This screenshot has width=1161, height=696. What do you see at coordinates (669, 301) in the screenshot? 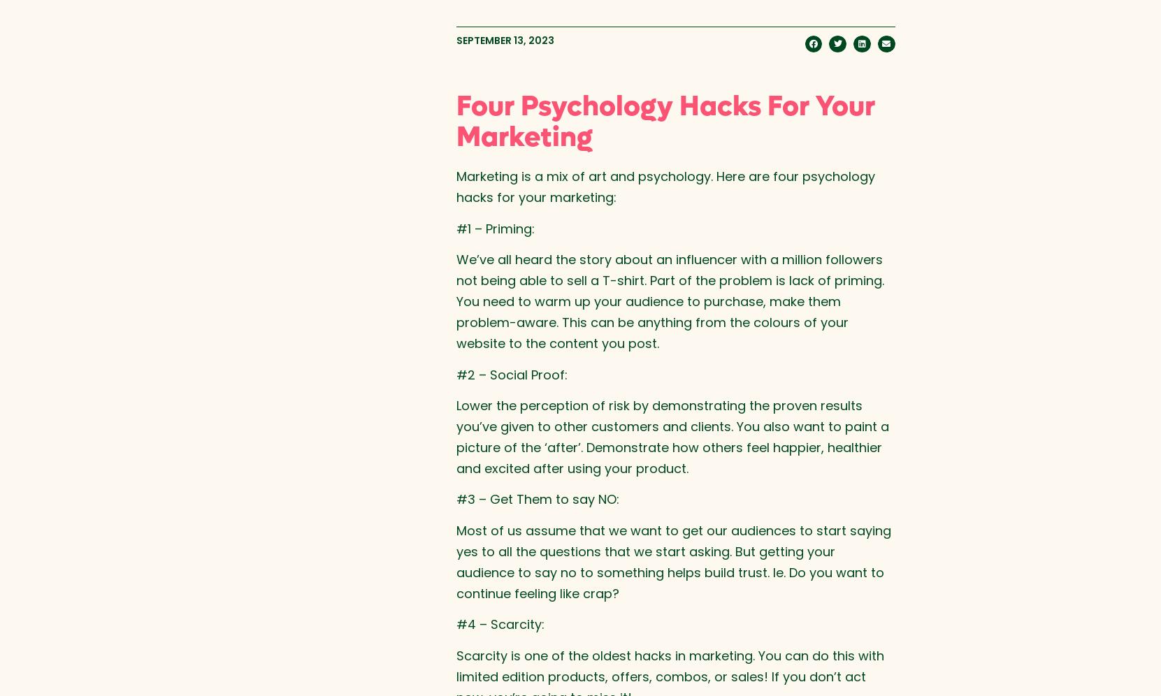
I see `'We’ve all heard the story about an influencer with a million followers not being able to sell a T-shirt. Part of the problem is lack of priming. You need to warm up your audience to purchase, make them problem-aware. This can be anything from the colours of your website to the content you post.'` at bounding box center [669, 301].